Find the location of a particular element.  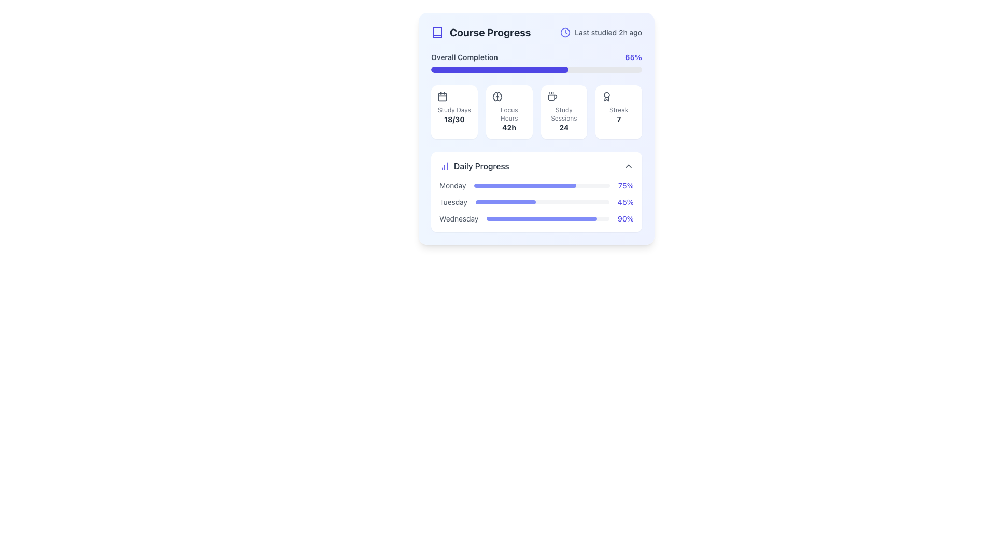

the Informational card displaying 'Study Sessions' with the number '24' at the bottom, located in the 4-column grid below the progress bar labeled 'Overall Completion' is located at coordinates (563, 112).